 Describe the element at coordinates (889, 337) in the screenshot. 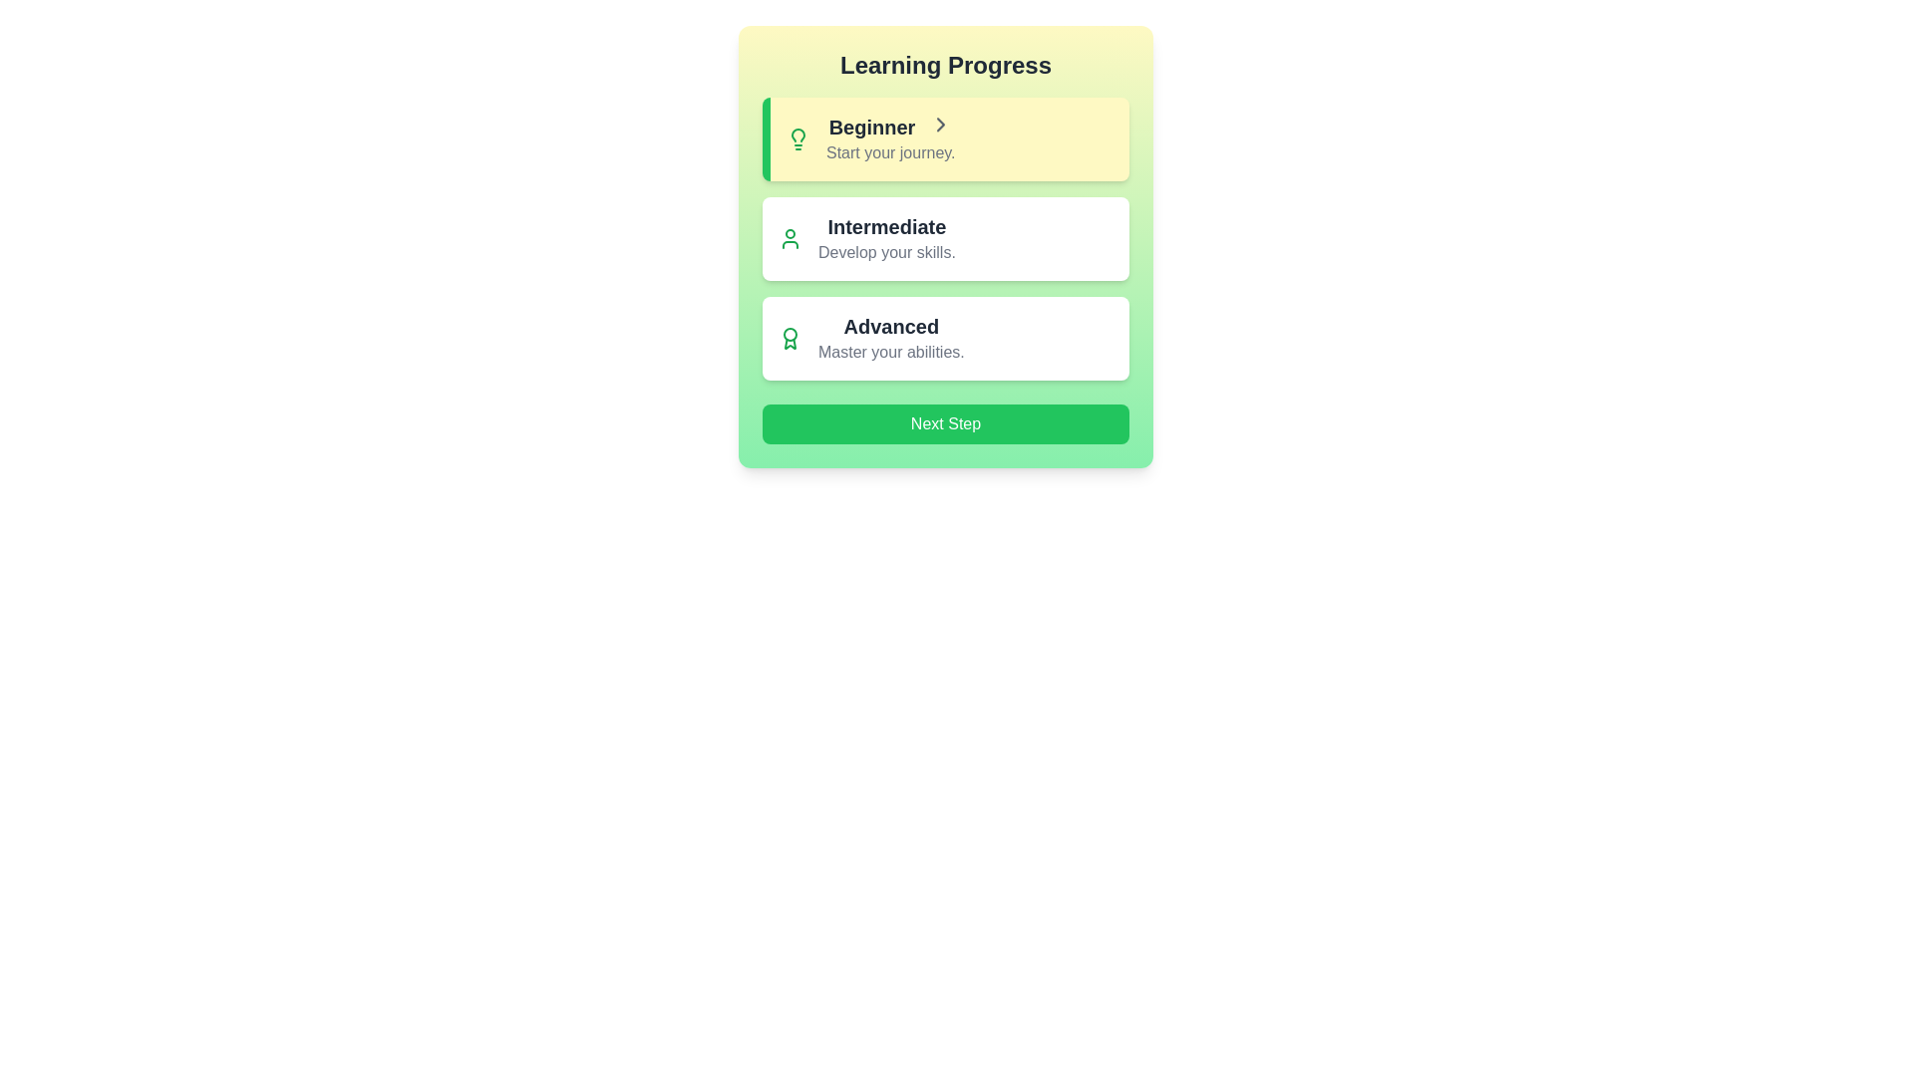

I see `the informational text block related to the Advanced level, which provides an overview of its purpose and usage` at that location.